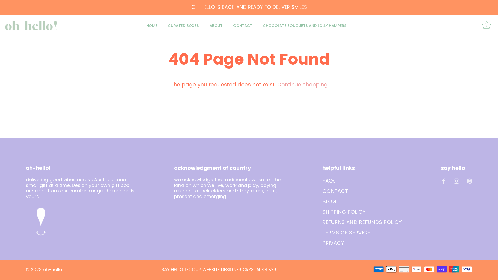  I want to click on 'BLOG', so click(329, 201).